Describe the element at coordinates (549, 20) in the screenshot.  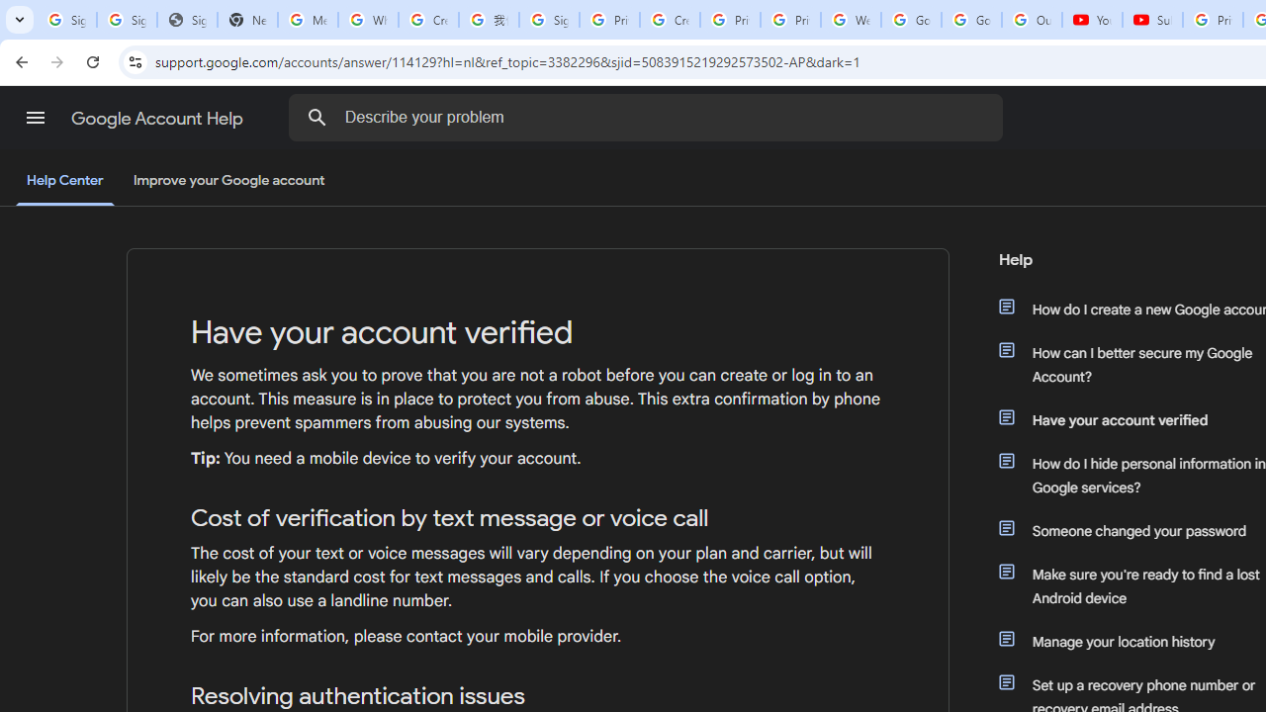
I see `'Sign in - Google Accounts'` at that location.